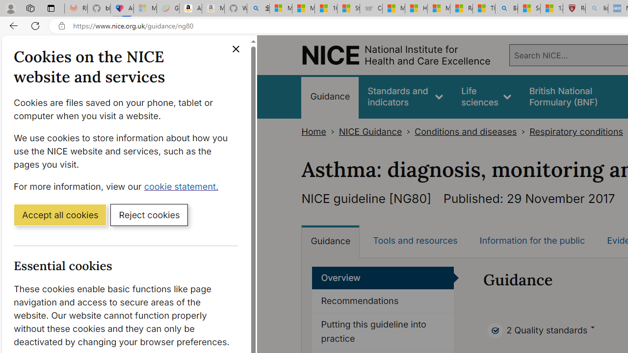 Image resolution: width=628 pixels, height=353 pixels. I want to click on 'cookie statement. (Opens in a new window)', so click(183, 186).